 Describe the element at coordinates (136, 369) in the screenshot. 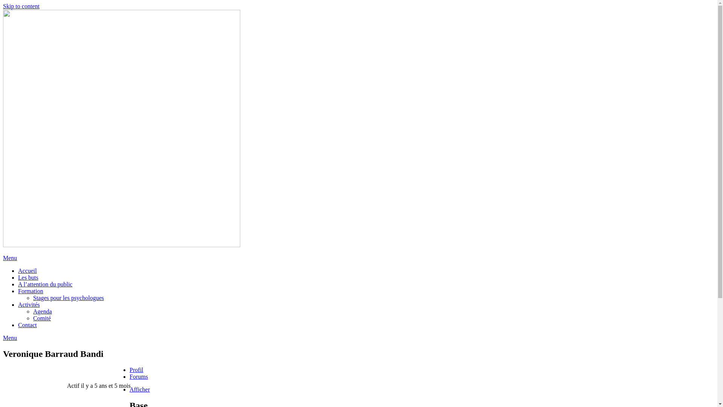

I see `'Profil'` at that location.